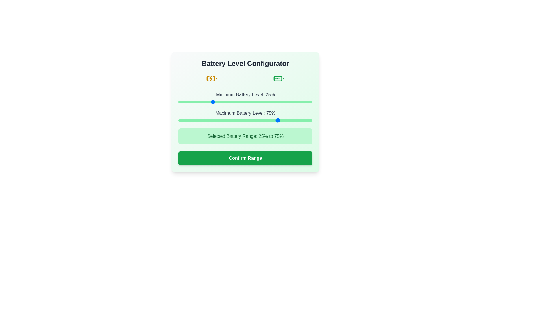 This screenshot has width=555, height=312. I want to click on the minimum battery level, so click(261, 102).